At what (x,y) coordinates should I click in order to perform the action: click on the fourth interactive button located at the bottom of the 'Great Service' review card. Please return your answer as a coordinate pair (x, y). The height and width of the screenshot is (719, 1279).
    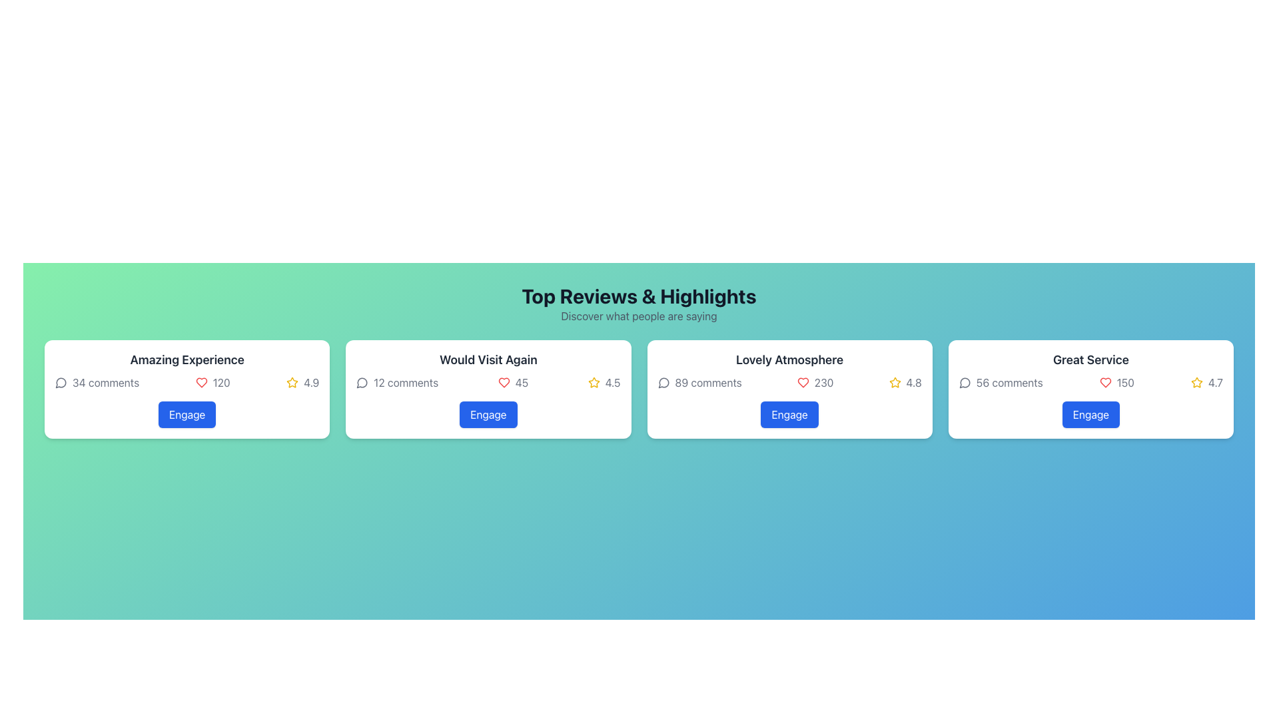
    Looking at the image, I should click on (1090, 414).